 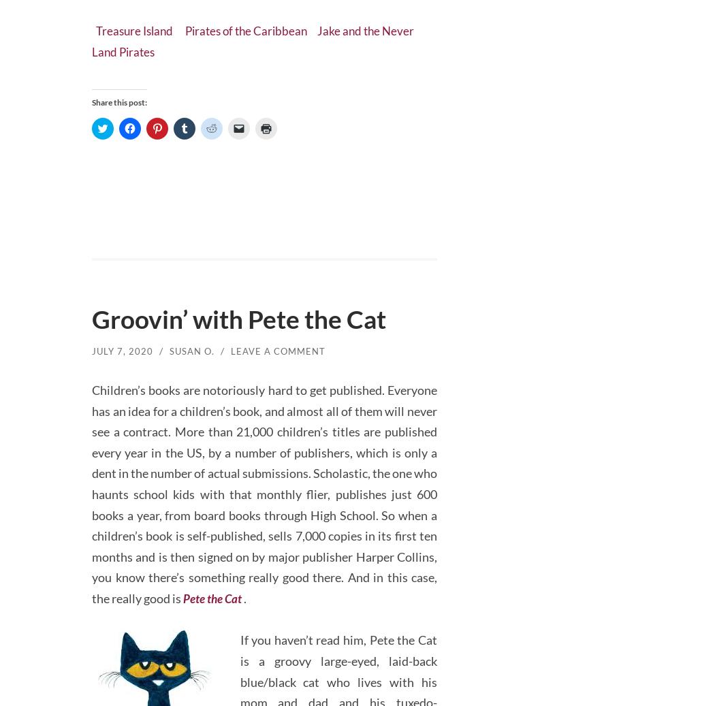 I want to click on 'Jake and the Never Land Pirates', so click(x=259, y=34).